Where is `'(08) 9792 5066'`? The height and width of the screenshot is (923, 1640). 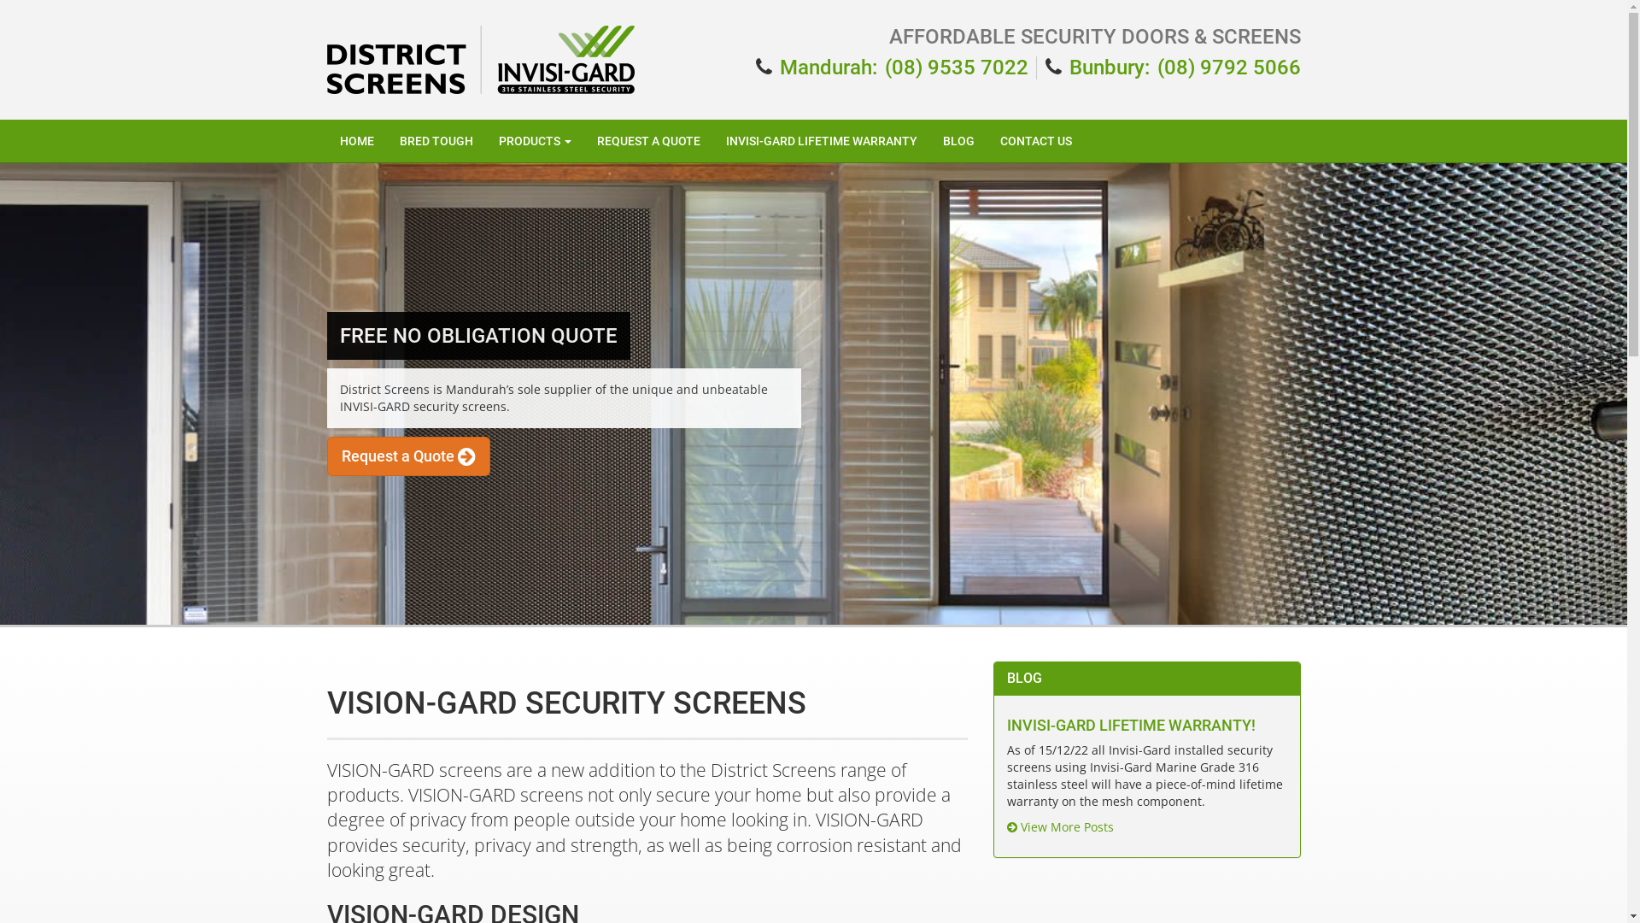 '(08) 9792 5066' is located at coordinates (1227, 66).